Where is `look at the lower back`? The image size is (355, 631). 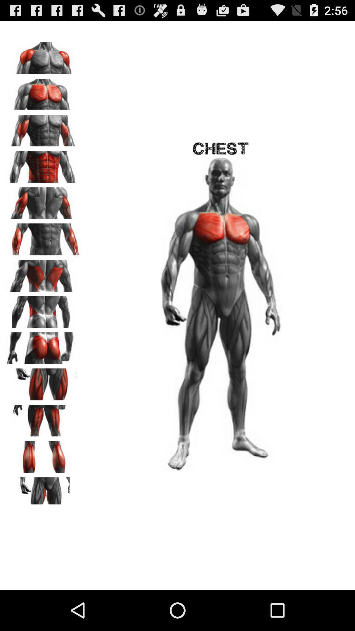
look at the lower back is located at coordinates (43, 309).